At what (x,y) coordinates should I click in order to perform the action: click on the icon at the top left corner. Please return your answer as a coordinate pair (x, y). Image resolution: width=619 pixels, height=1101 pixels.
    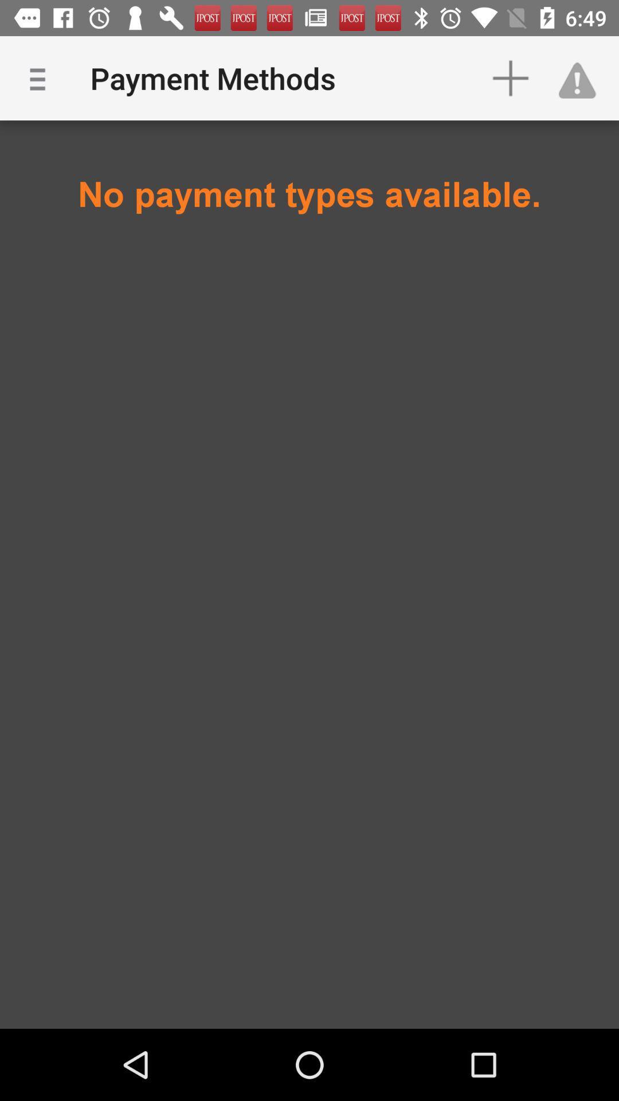
    Looking at the image, I should click on (41, 77).